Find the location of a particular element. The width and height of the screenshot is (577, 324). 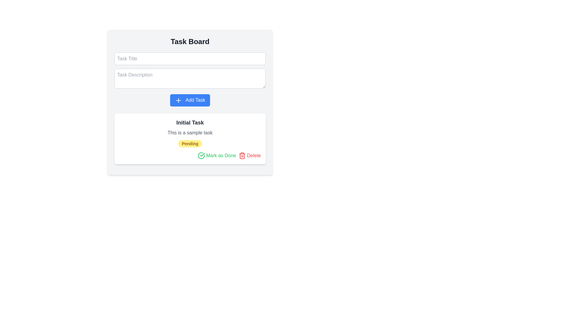

the 'Mark as Done' button, which is a green button with a checkmark icon and the text 'Mark as Done', located in the bottom-right section of the 'Initial Task' area is located at coordinates (216, 155).